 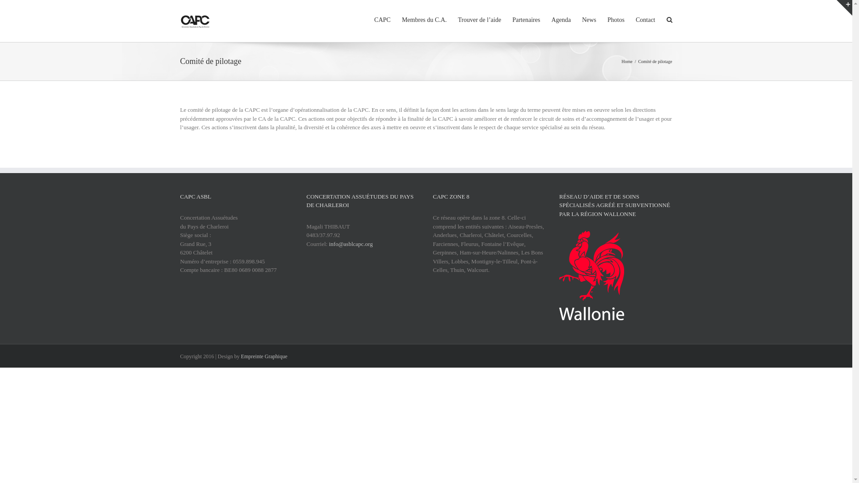 I want to click on 'Agenda', so click(x=560, y=19).